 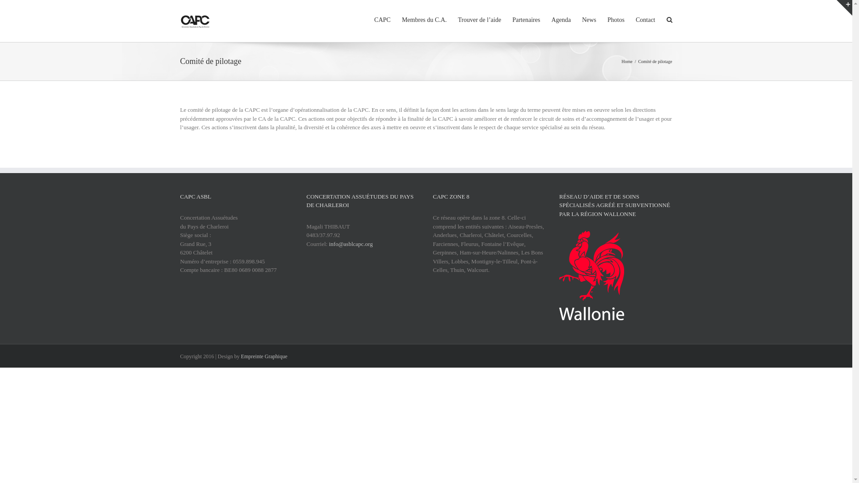 I want to click on 'Agenda', so click(x=560, y=19).